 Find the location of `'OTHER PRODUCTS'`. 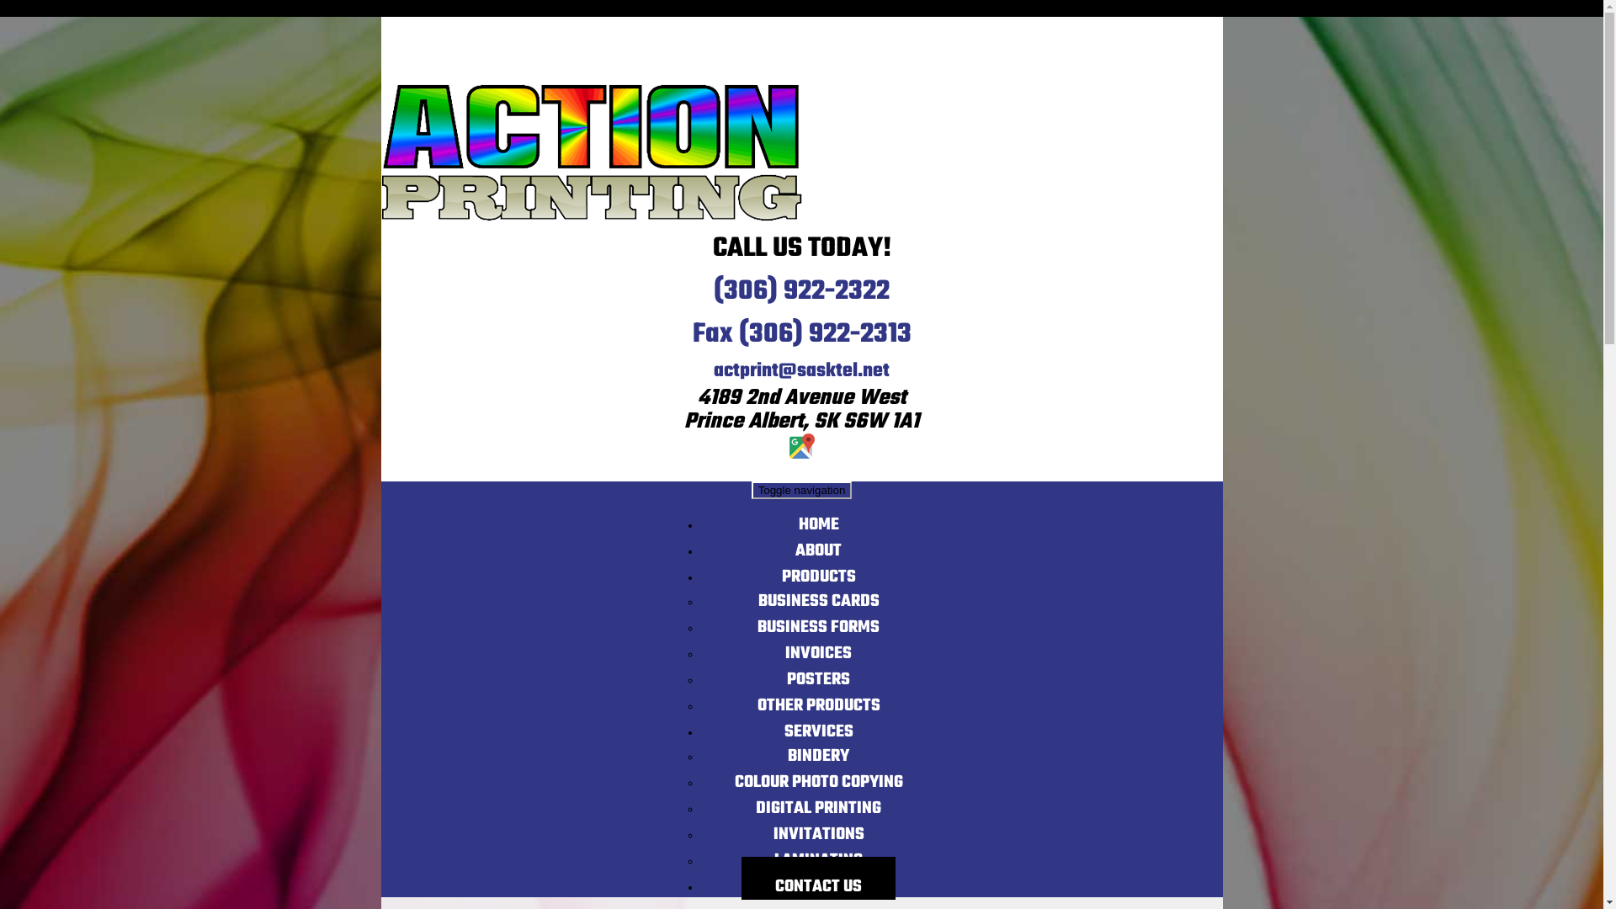

'OTHER PRODUCTS' is located at coordinates (723, 697).